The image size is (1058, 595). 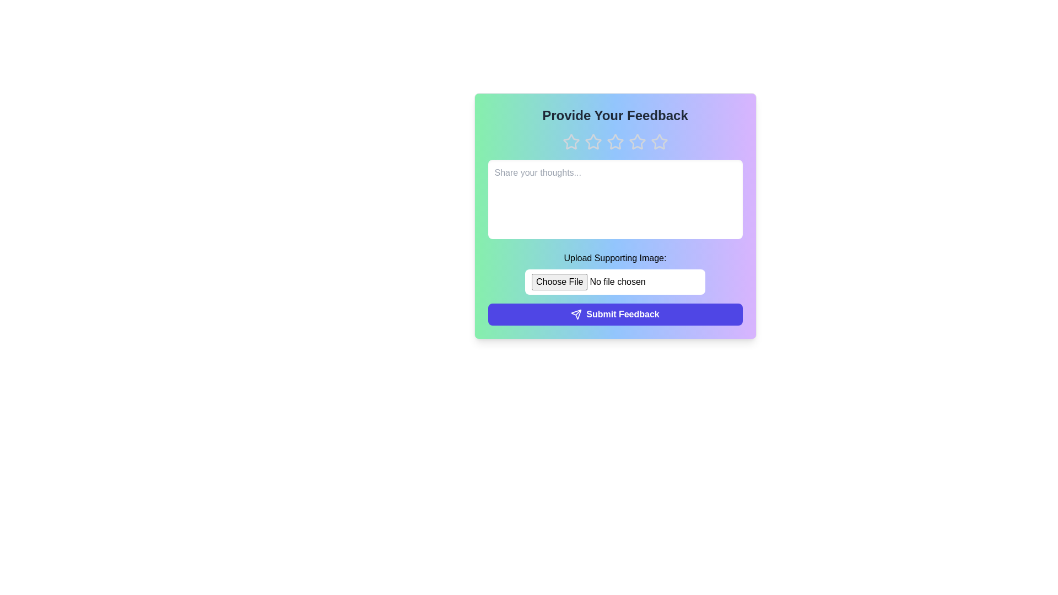 I want to click on the third Rating Star Icon in the feedback form for accessibility interactions, so click(x=637, y=141).